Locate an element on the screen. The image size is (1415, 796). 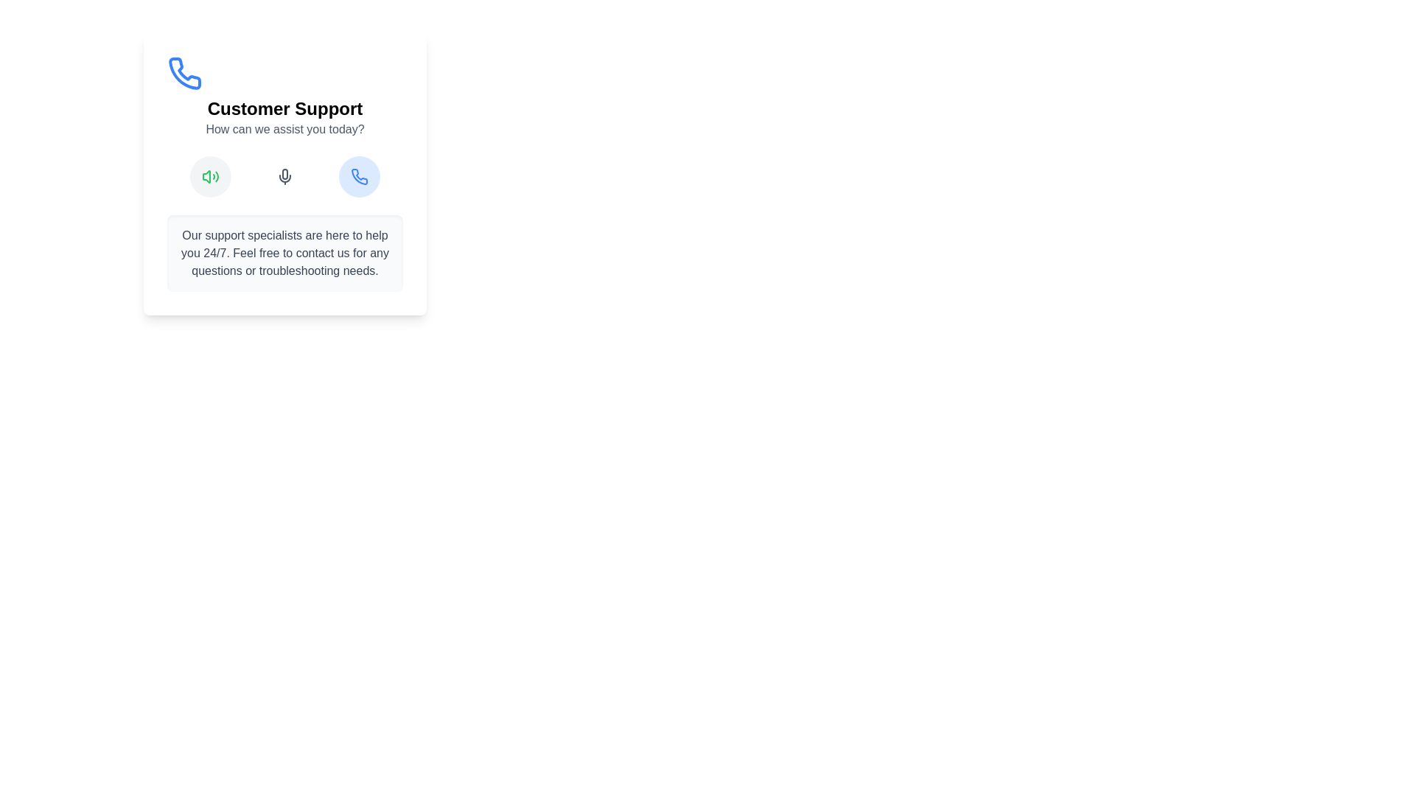
the audio icon with a speaker and sound waves, which is the leftmost item in a row below the 'Customer Support' heading is located at coordinates (209, 175).